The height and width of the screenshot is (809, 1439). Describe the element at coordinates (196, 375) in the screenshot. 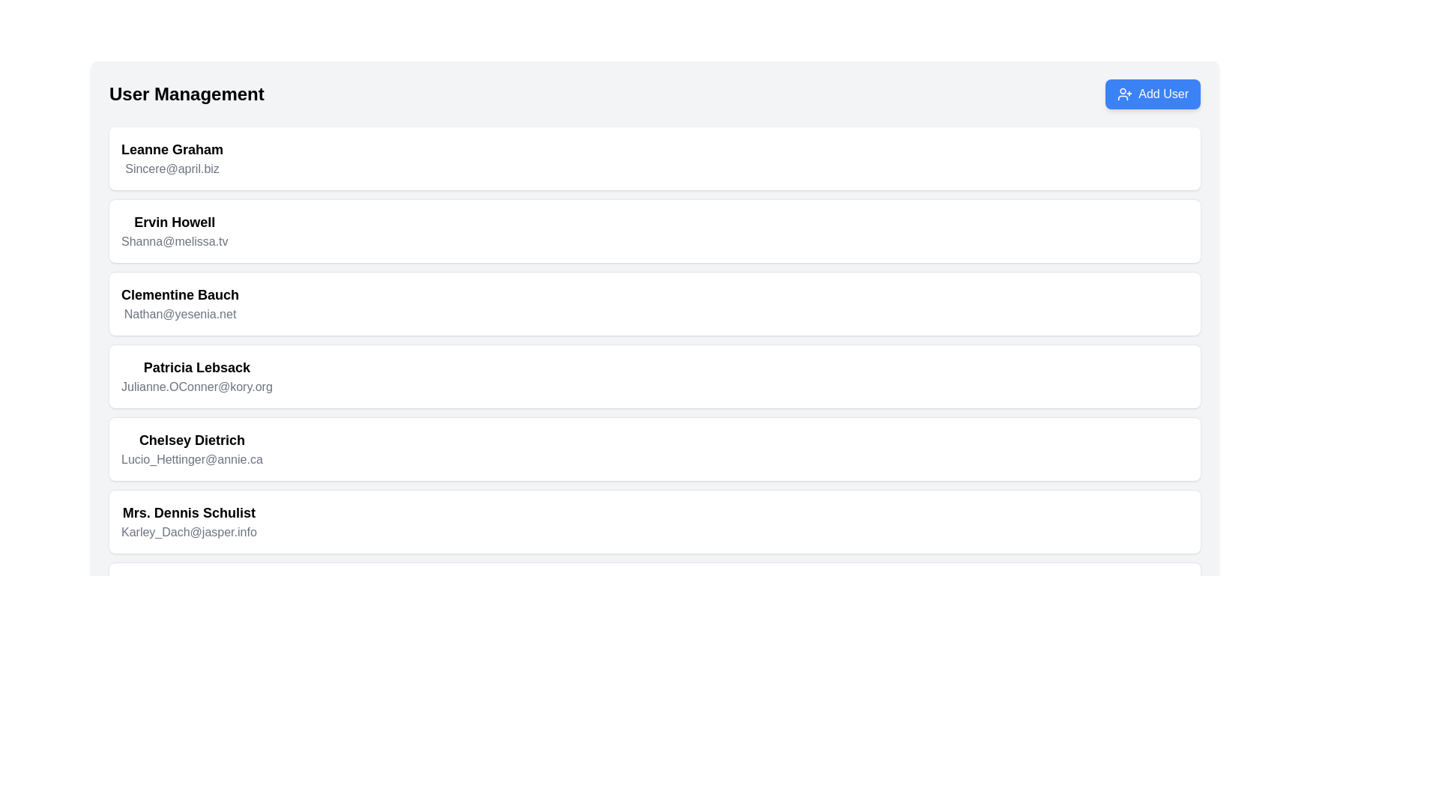

I see `displayed information from the textual information block that shows 'Patricia Lebsack' and 'Julianne.OConner@kory.org', which is the fourth entry in the user cards list` at that location.